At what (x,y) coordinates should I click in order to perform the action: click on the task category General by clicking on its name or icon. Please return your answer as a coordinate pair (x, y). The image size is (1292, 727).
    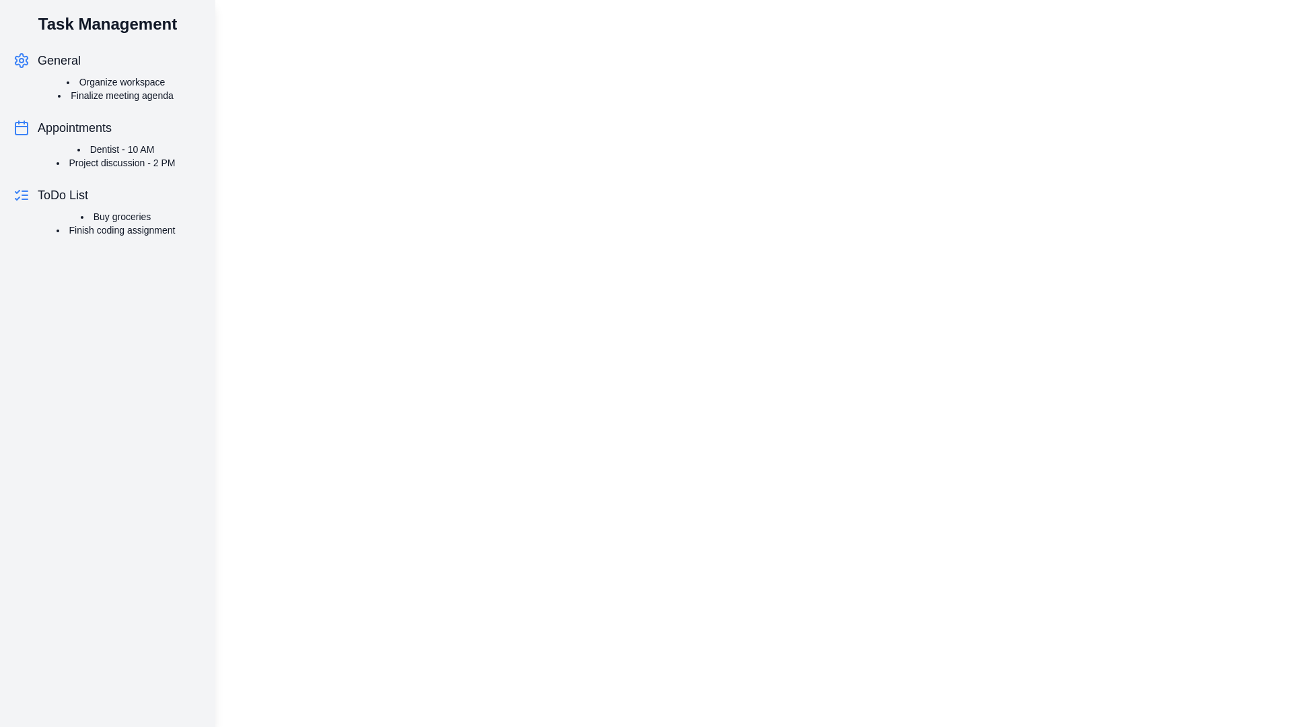
    Looking at the image, I should click on (58, 59).